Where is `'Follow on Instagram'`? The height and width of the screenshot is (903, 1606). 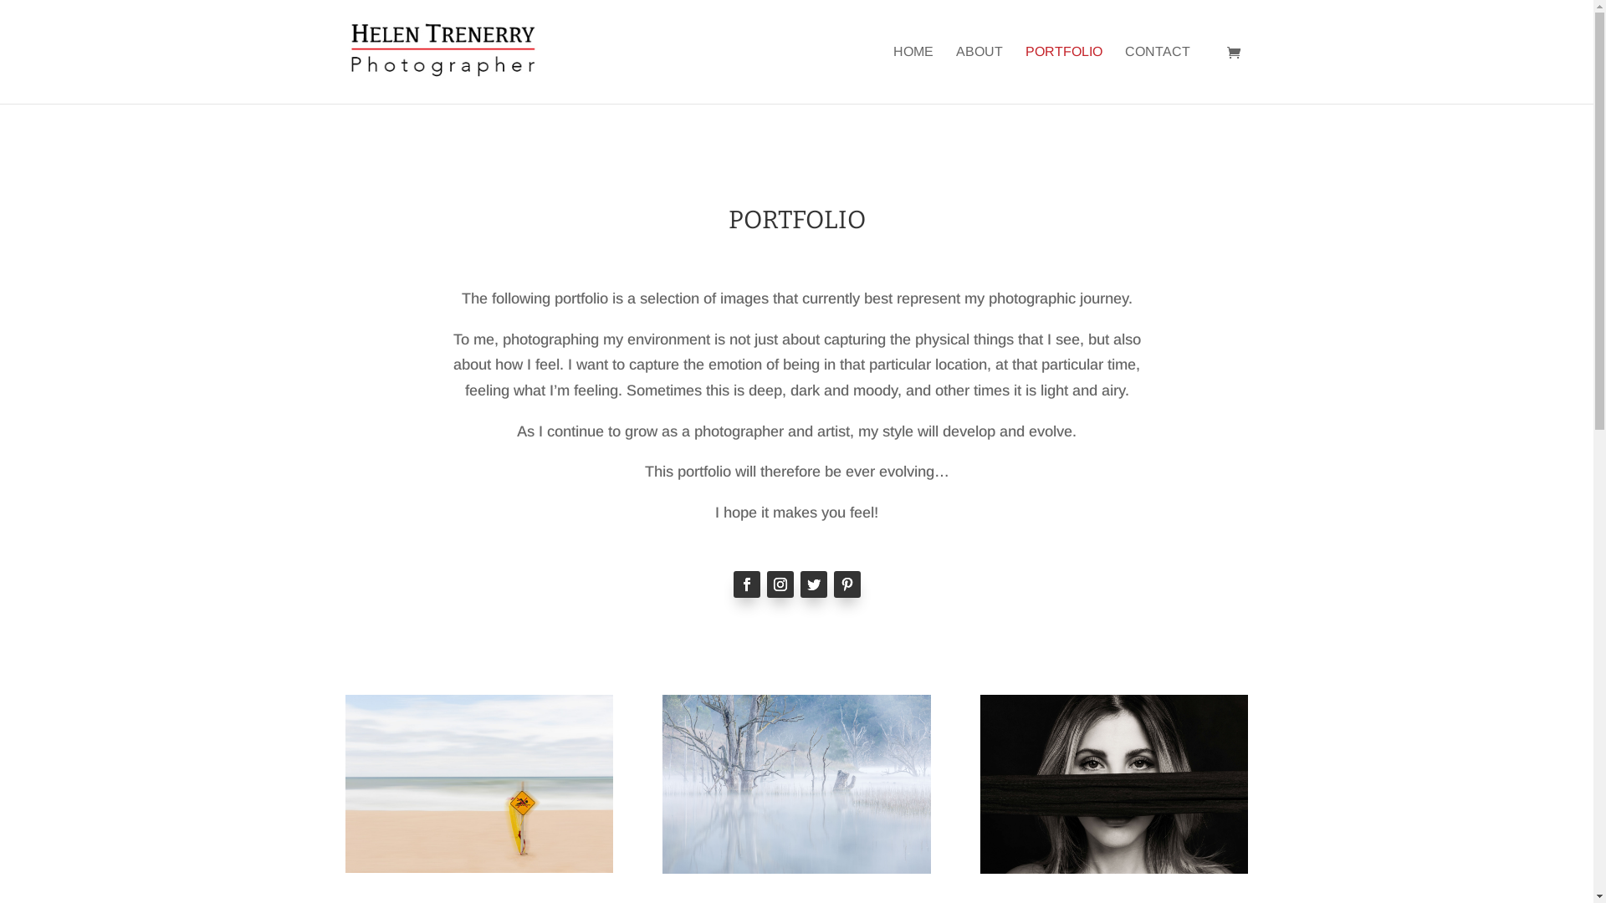 'Follow on Instagram' is located at coordinates (778, 583).